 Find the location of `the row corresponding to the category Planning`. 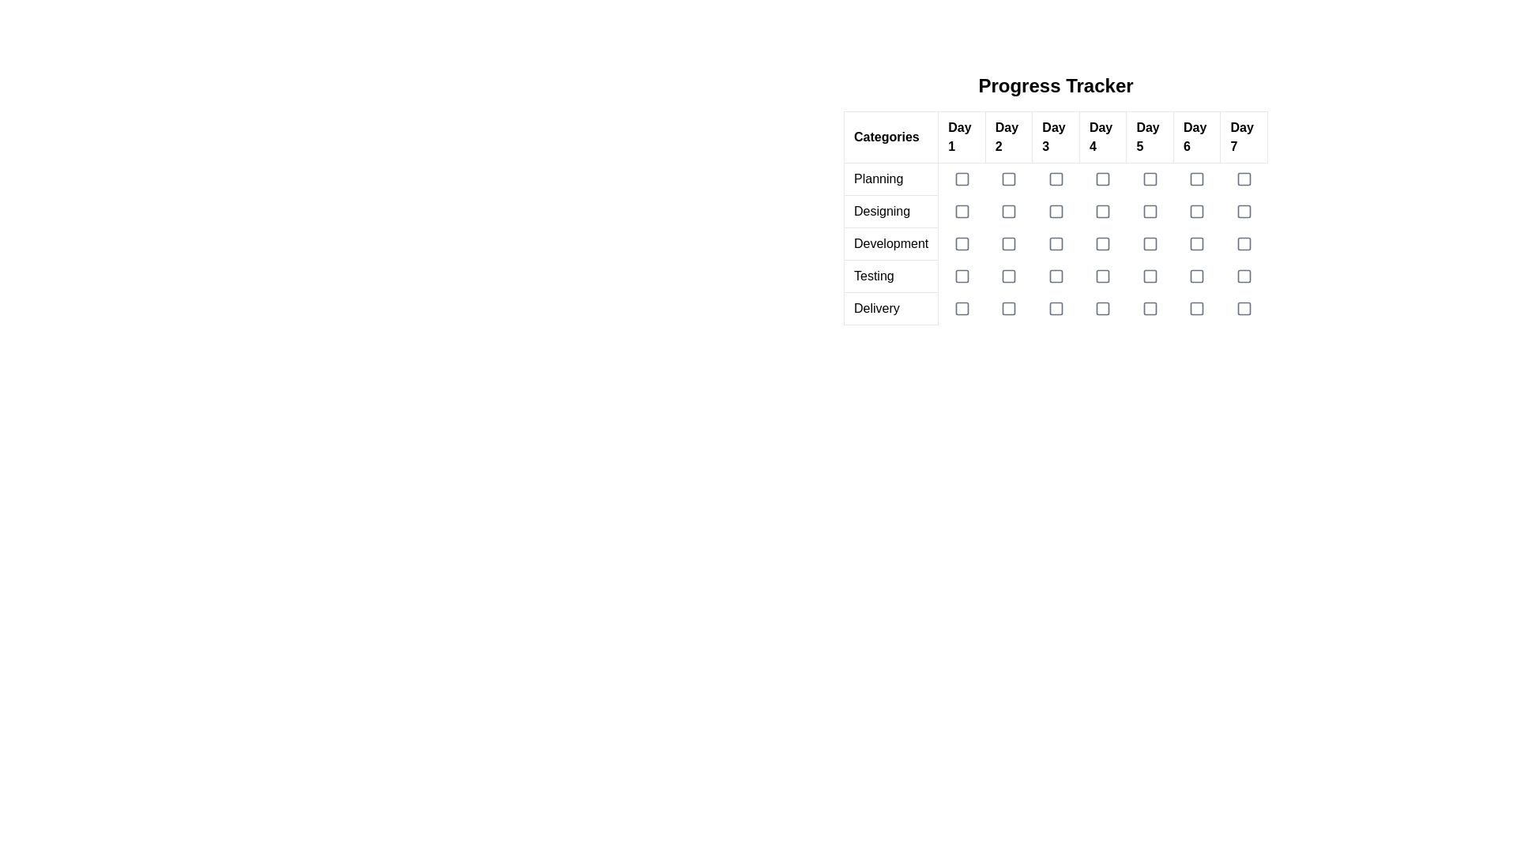

the row corresponding to the category Planning is located at coordinates (1056, 178).